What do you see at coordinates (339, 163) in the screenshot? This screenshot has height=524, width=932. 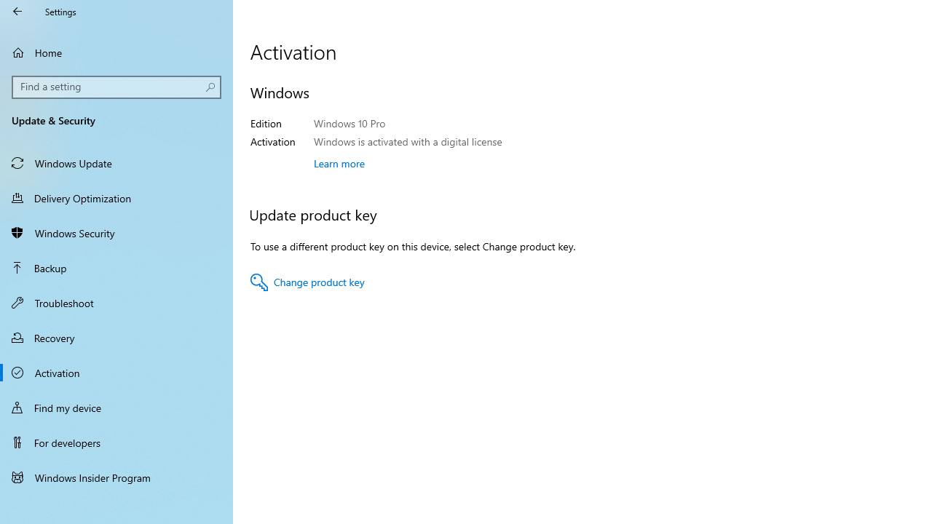 I see `'Learn more about Windows activation'` at bounding box center [339, 163].